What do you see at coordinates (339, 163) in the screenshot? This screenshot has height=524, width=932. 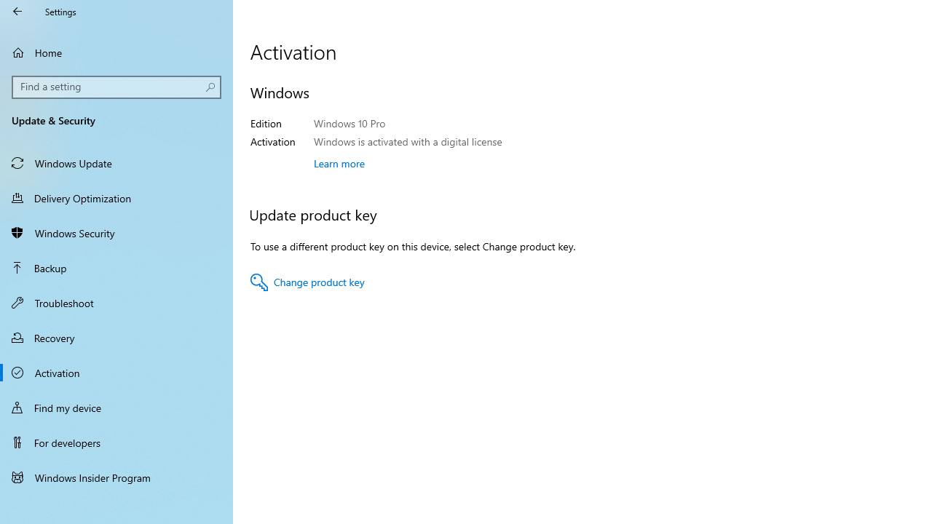 I see `'Learn more about Windows activation'` at bounding box center [339, 163].